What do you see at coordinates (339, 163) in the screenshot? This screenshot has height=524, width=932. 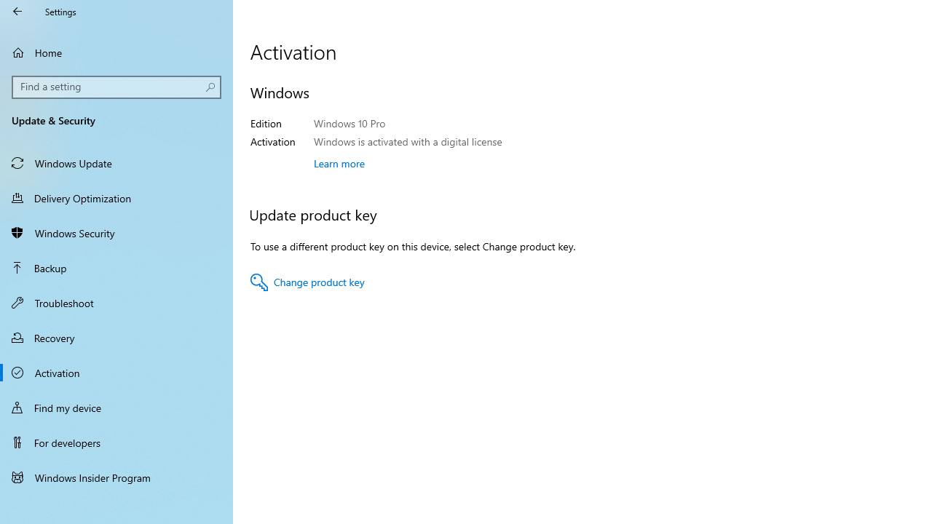 I see `'Learn more about Windows activation'` at bounding box center [339, 163].